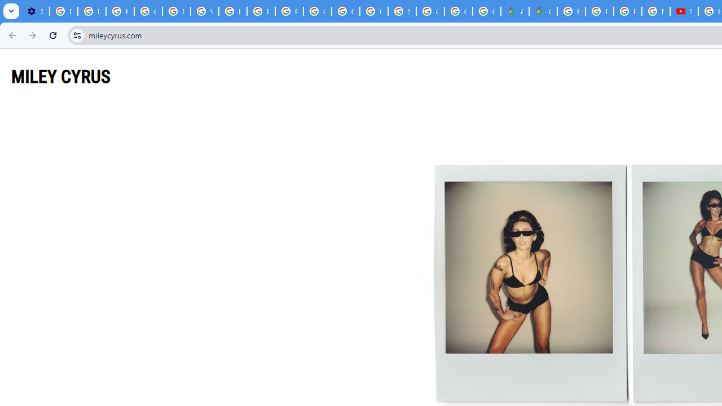 The width and height of the screenshot is (722, 406). Describe the element at coordinates (599, 11) in the screenshot. I see `'Privacy Help Center - Policies Help'` at that location.